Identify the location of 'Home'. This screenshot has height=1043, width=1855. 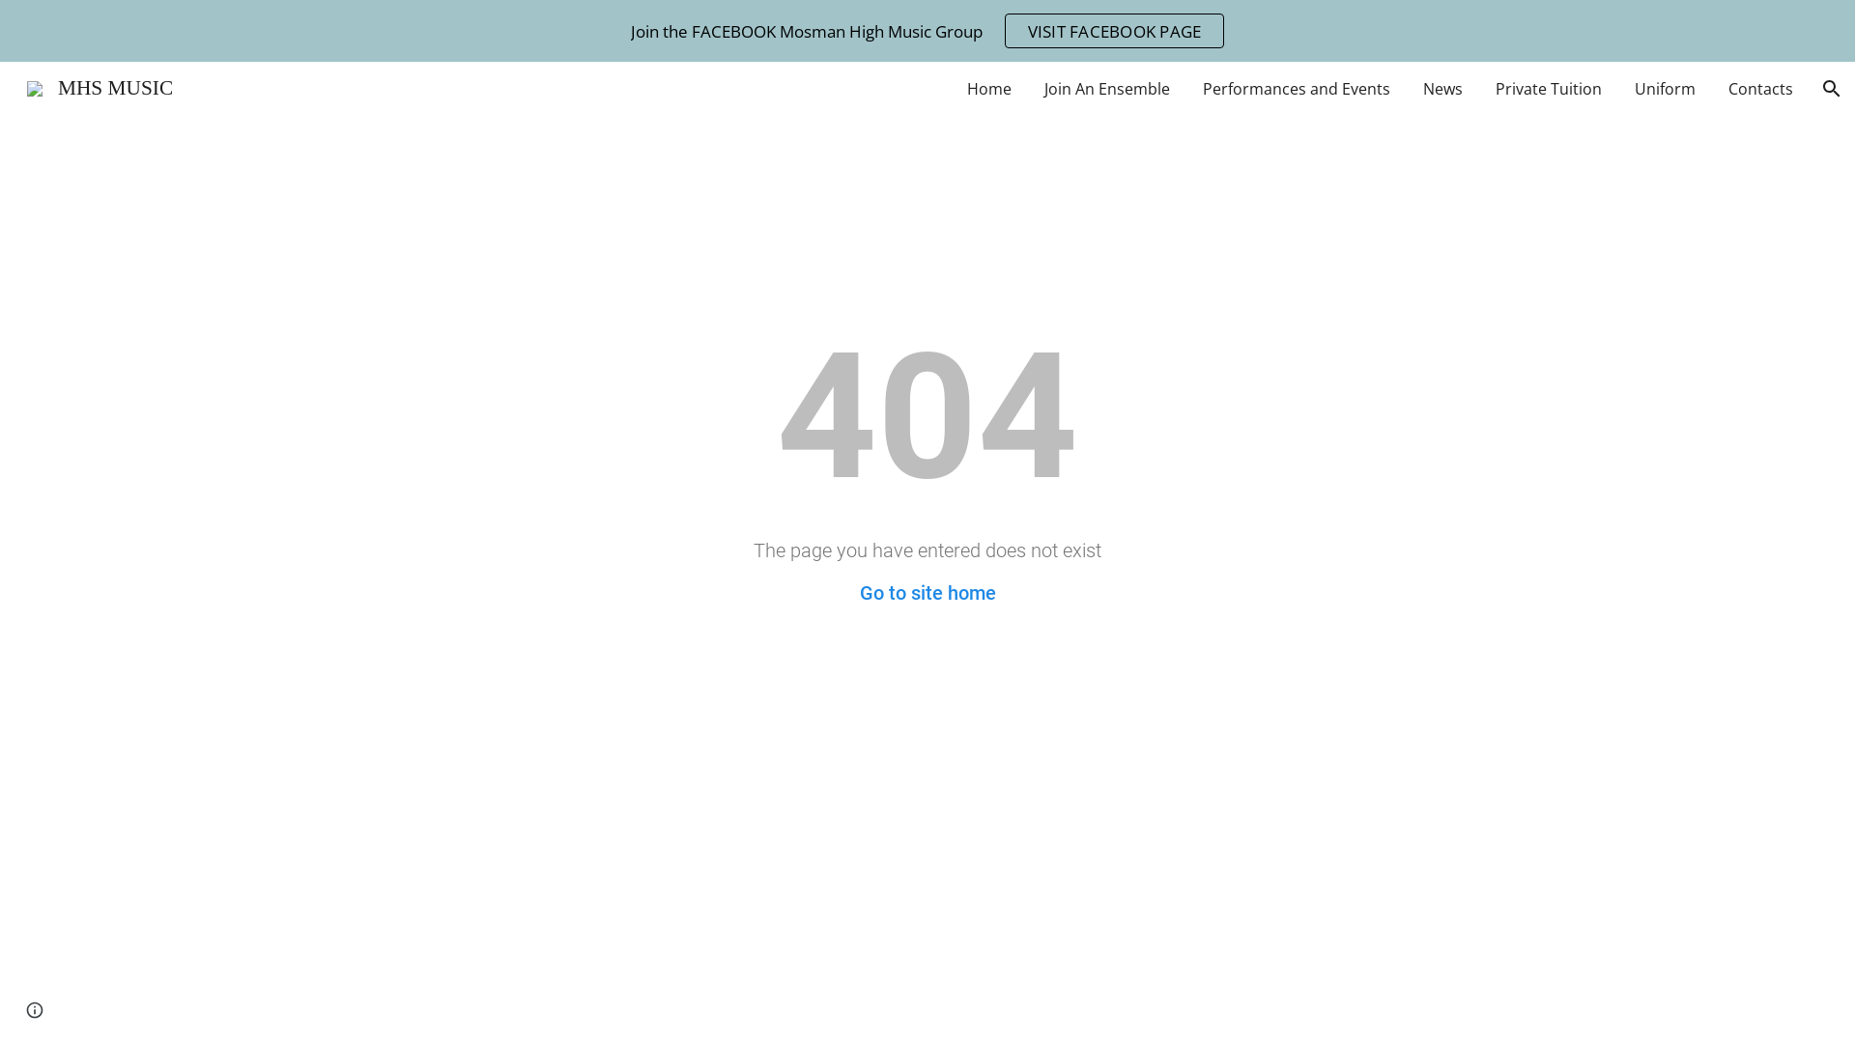
(988, 89).